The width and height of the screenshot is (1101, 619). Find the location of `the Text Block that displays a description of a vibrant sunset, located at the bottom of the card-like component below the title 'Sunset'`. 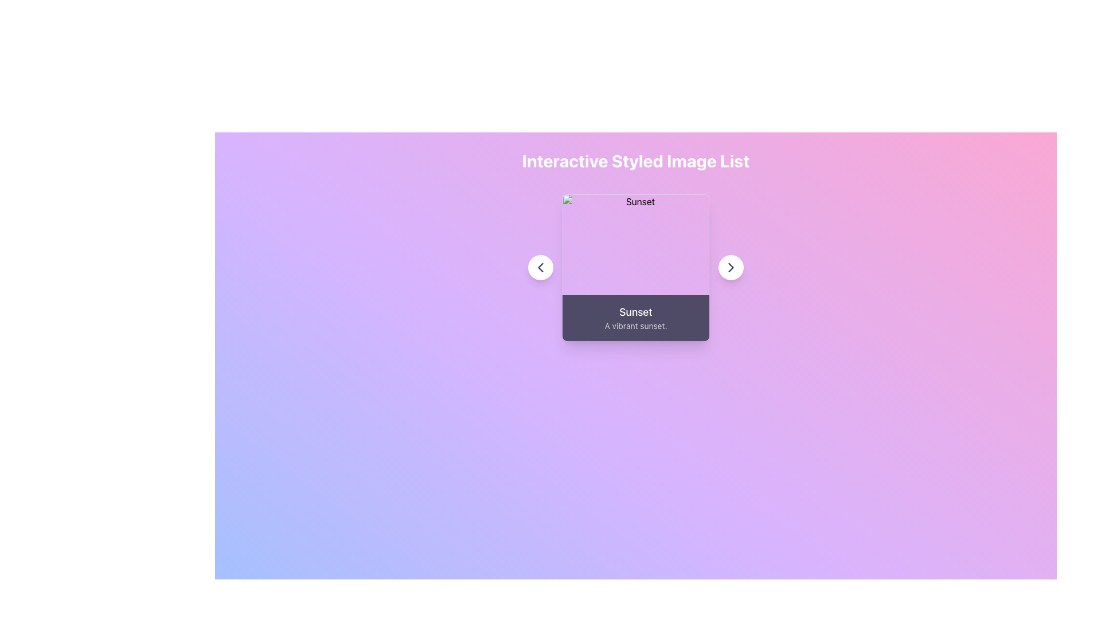

the Text Block that displays a description of a vibrant sunset, located at the bottom of the card-like component below the title 'Sunset' is located at coordinates (635, 326).